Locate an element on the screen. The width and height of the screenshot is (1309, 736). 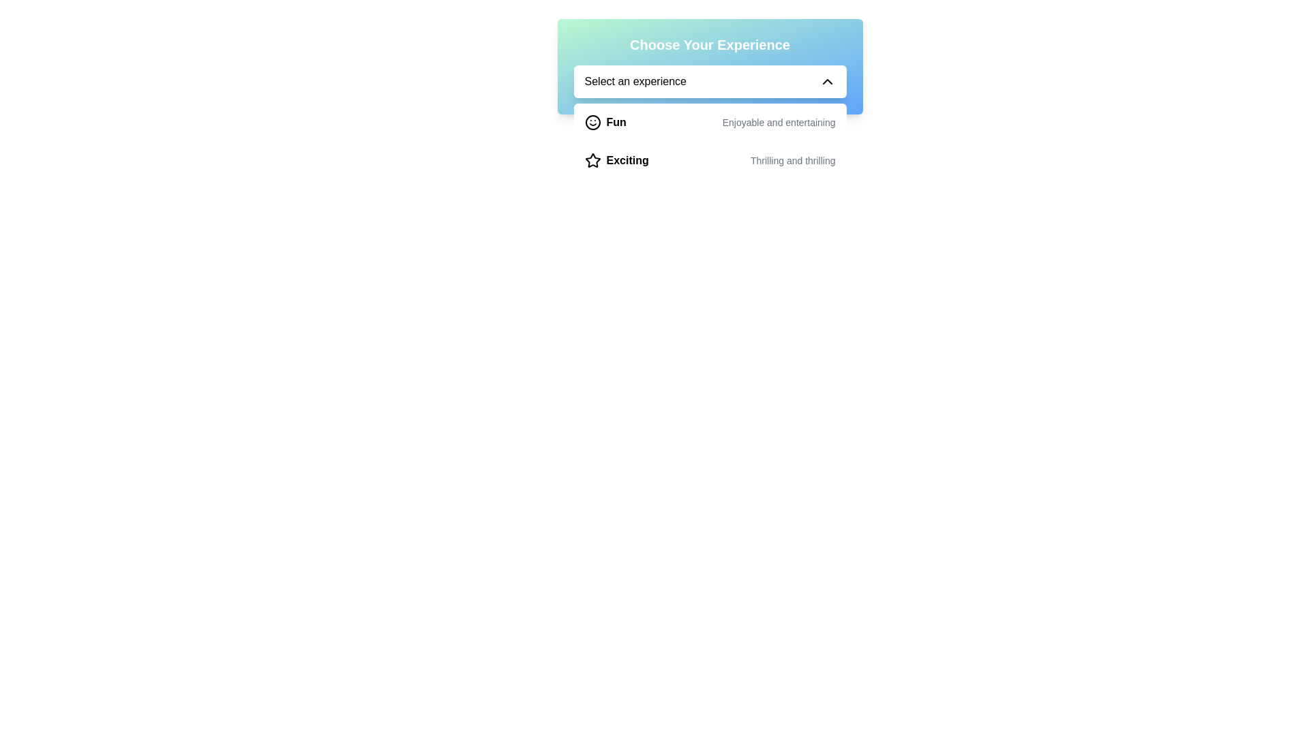
or read the text label that reads 'Fun', which is bold and positioned next to a smiley icon, indicating a cheerful option is located at coordinates (616, 123).